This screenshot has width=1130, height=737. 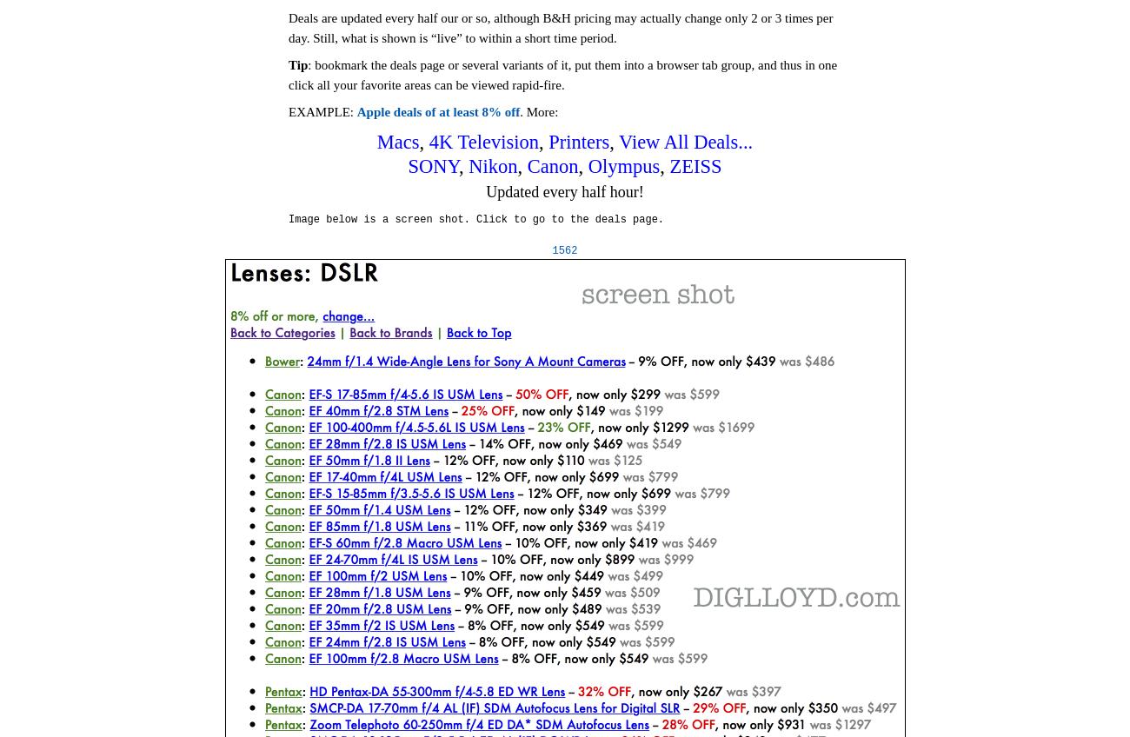 What do you see at coordinates (492, 166) in the screenshot?
I see `'Nikon'` at bounding box center [492, 166].